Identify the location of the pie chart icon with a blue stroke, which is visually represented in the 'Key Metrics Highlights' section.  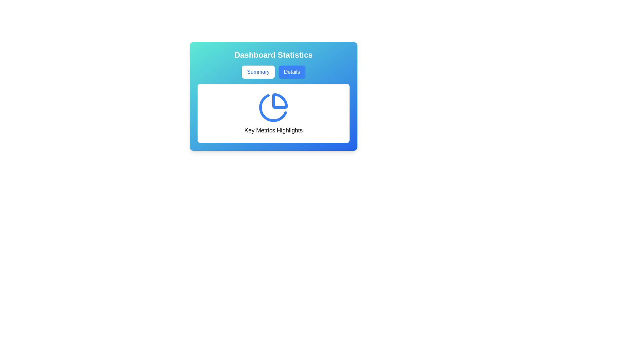
(274, 107).